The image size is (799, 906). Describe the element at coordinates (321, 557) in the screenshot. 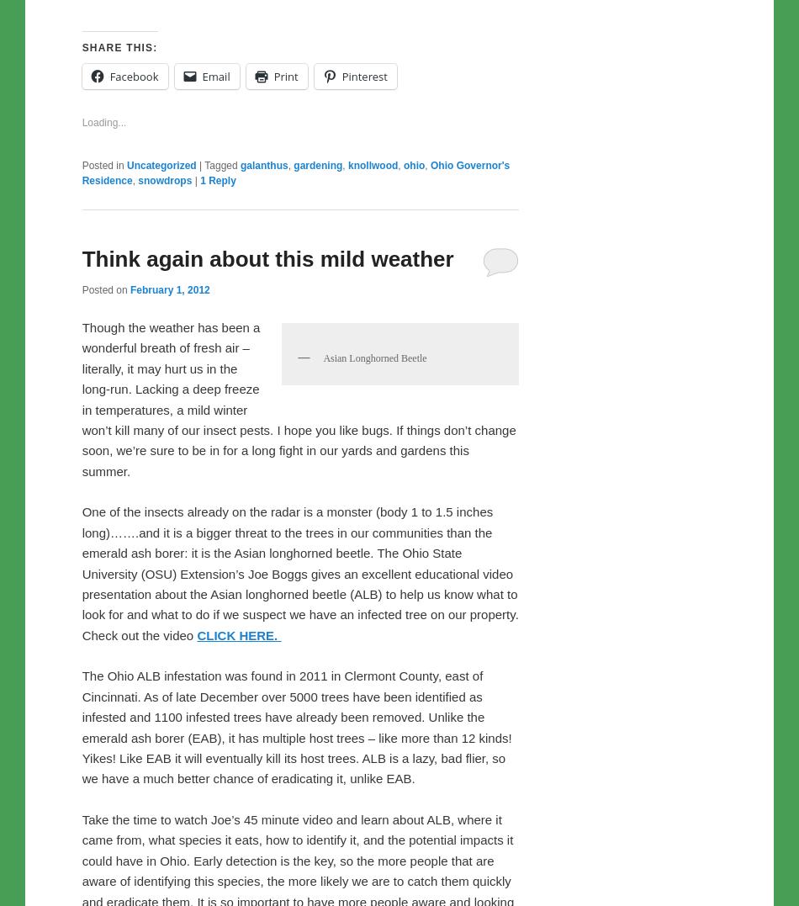

I see `'Asian Longhorned Beetle'` at that location.